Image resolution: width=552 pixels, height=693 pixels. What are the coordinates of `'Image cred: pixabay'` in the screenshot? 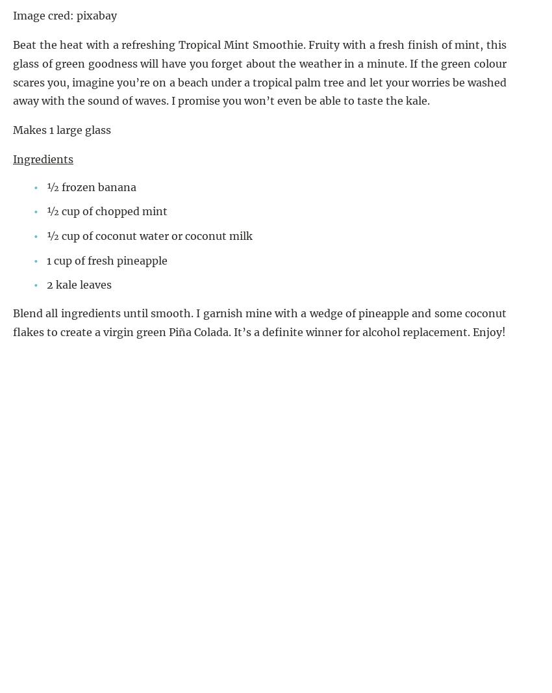 It's located at (12, 14).